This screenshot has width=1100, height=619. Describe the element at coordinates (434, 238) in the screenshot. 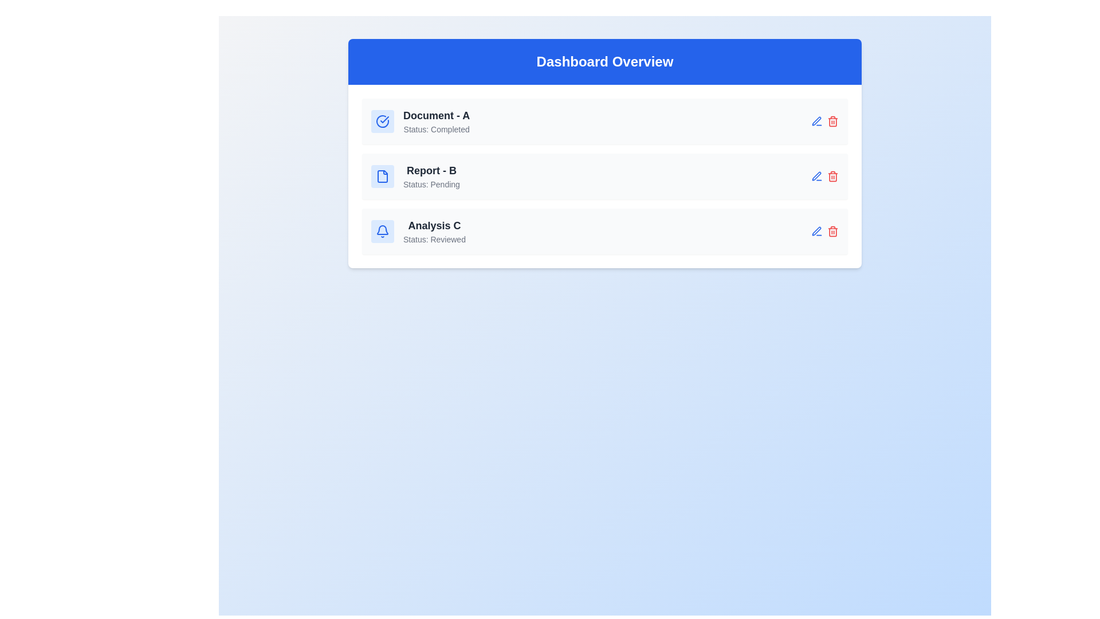

I see `the text label displaying 'Status: Reviewed', which is located below 'Analysis C' in the Dashboard Overview section` at that location.